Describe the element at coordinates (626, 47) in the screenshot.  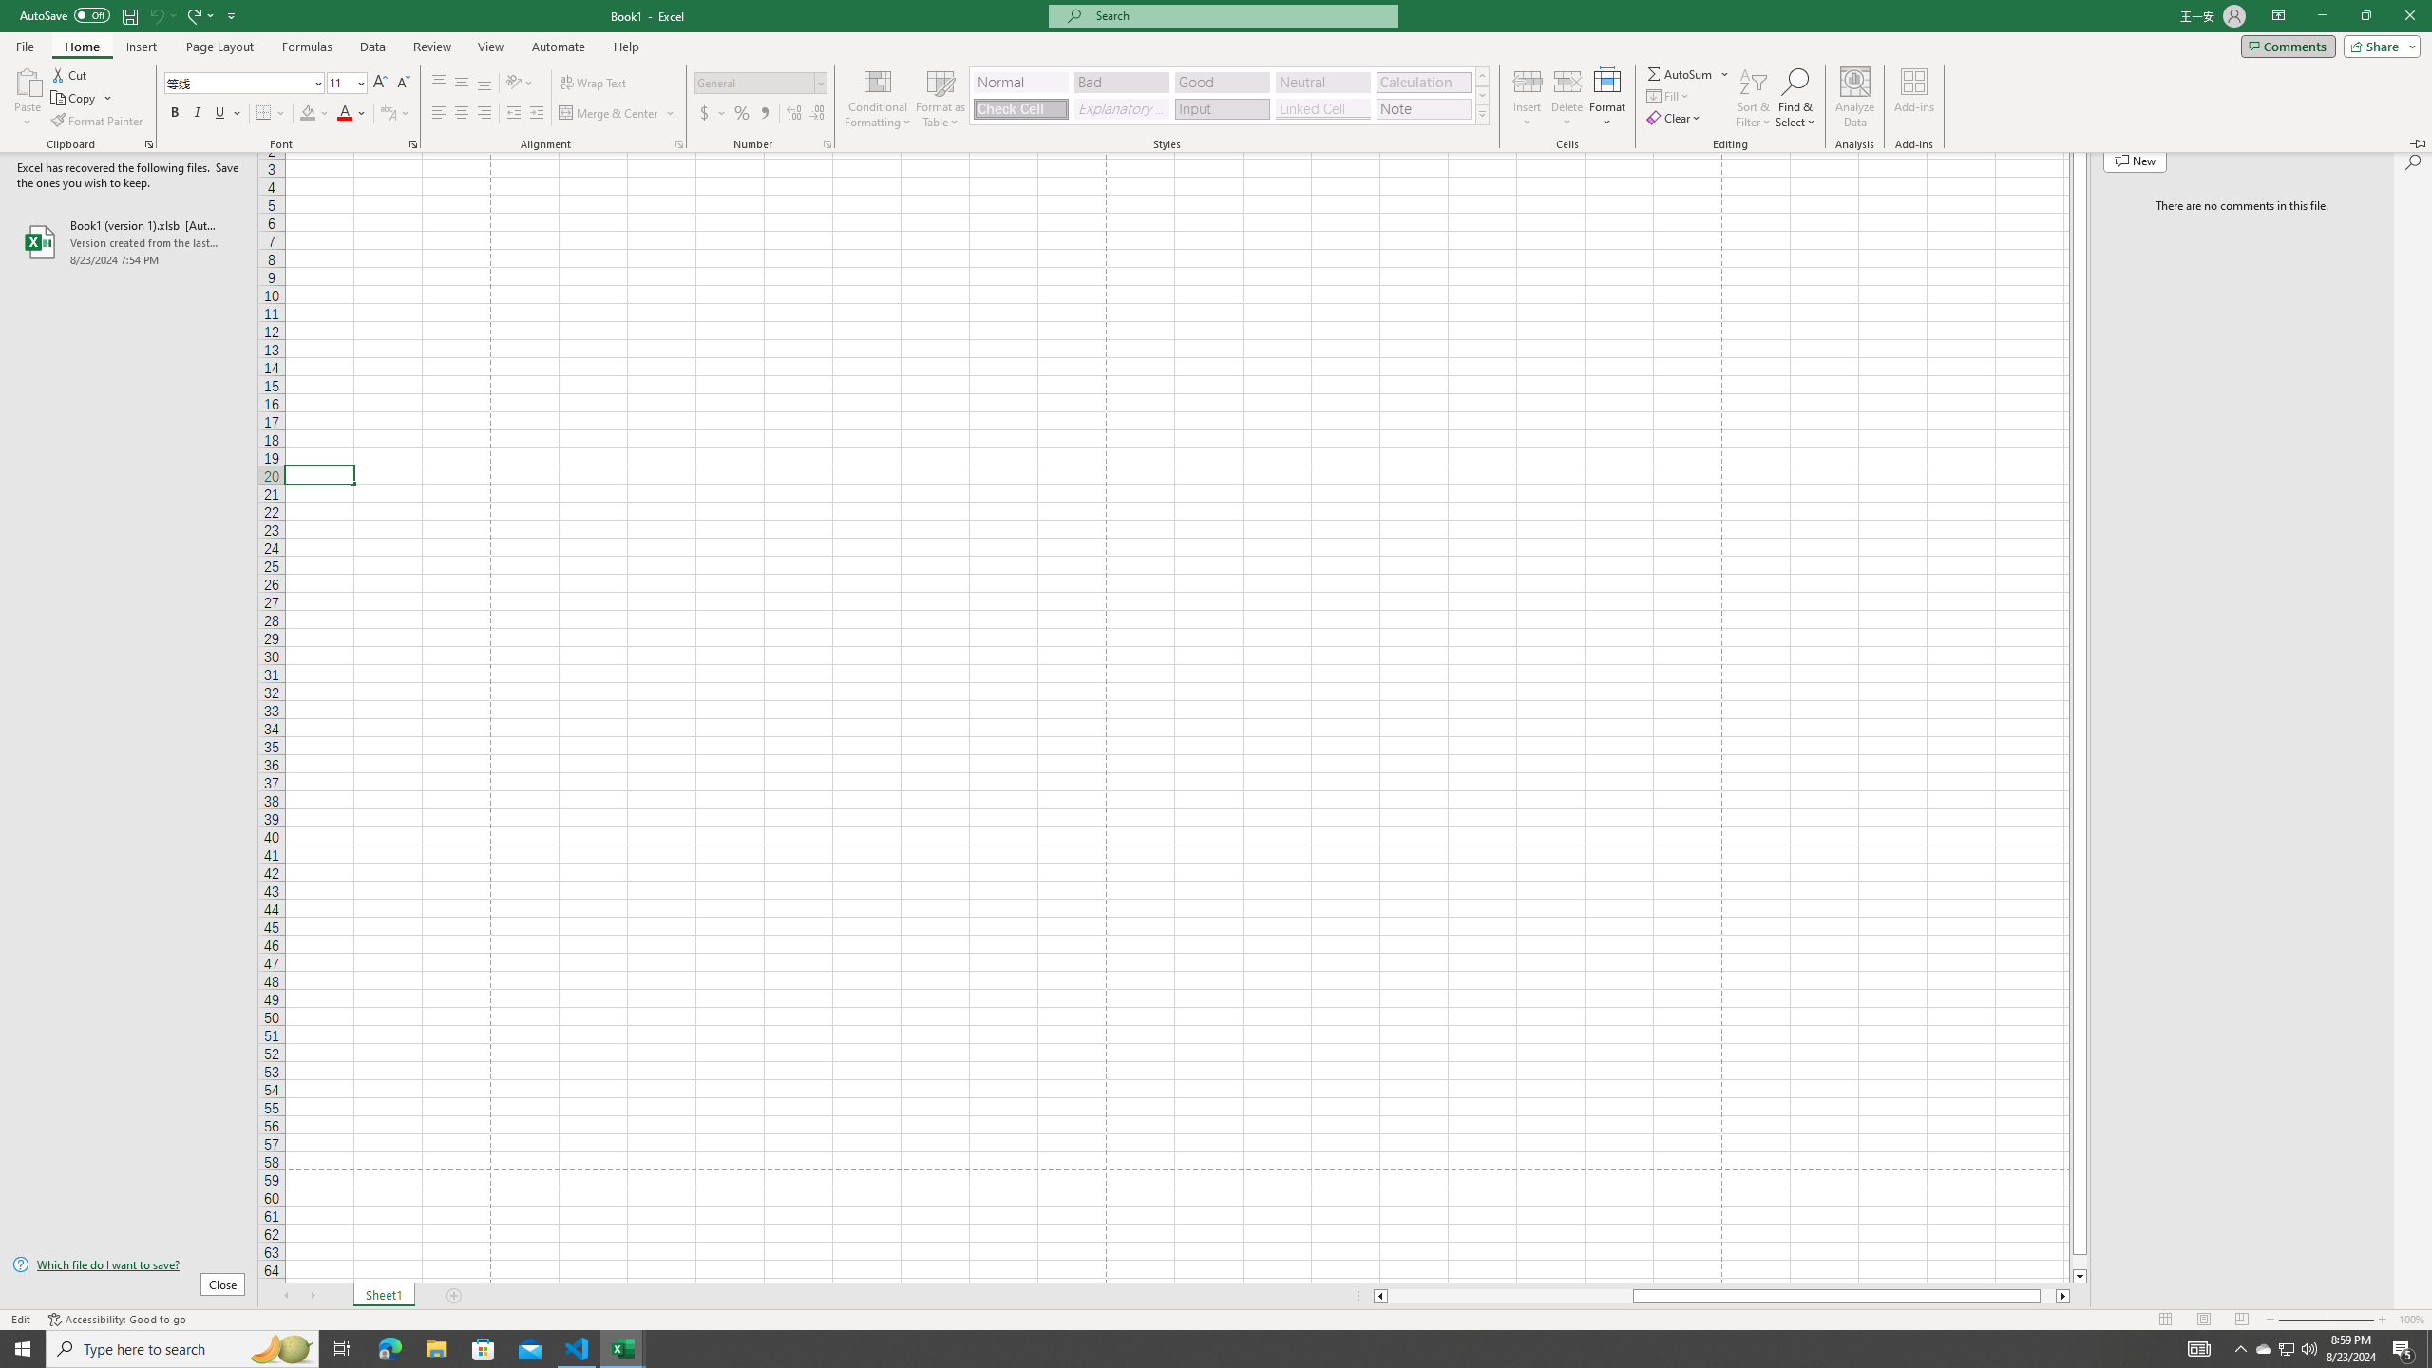
I see `'Help'` at that location.